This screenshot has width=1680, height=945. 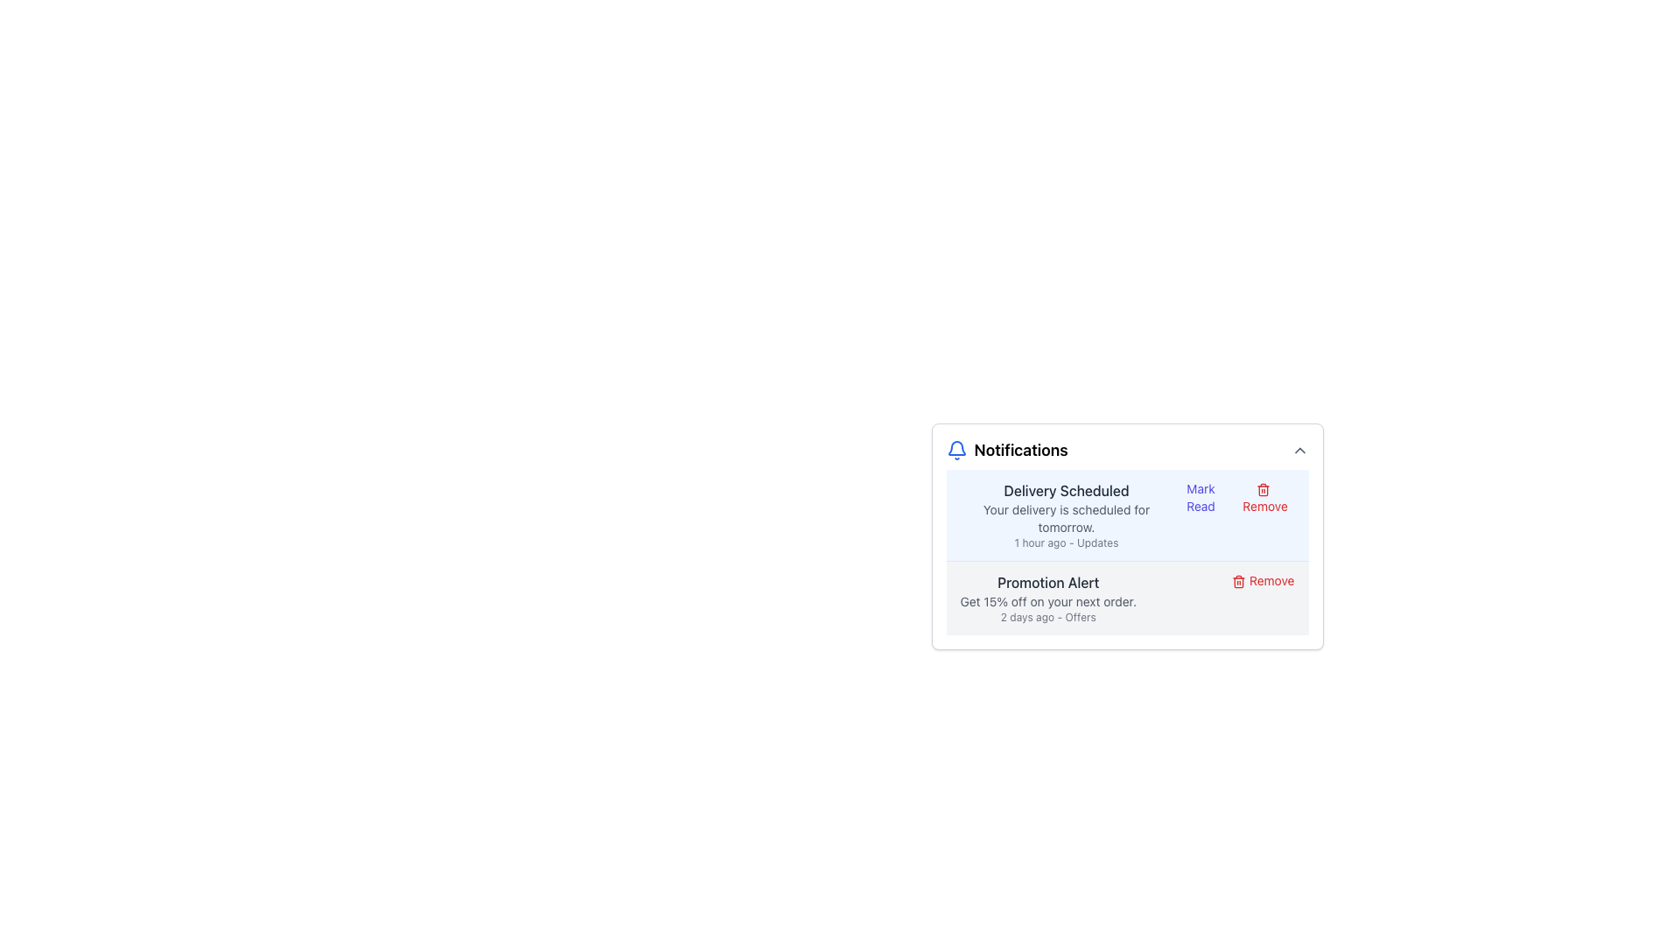 What do you see at coordinates (1263, 580) in the screenshot?
I see `the 'Remove' button with a trash bin icon located to the right of the 'Promotion Alert' notification` at bounding box center [1263, 580].